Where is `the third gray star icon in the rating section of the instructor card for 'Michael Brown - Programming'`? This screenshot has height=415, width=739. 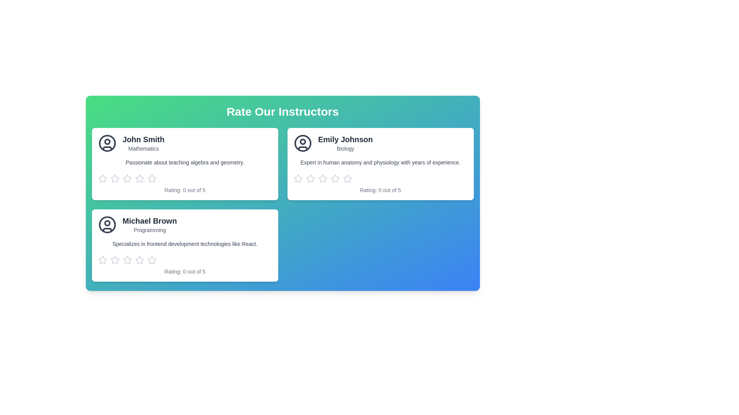 the third gray star icon in the rating section of the instructor card for 'Michael Brown - Programming' is located at coordinates (152, 259).